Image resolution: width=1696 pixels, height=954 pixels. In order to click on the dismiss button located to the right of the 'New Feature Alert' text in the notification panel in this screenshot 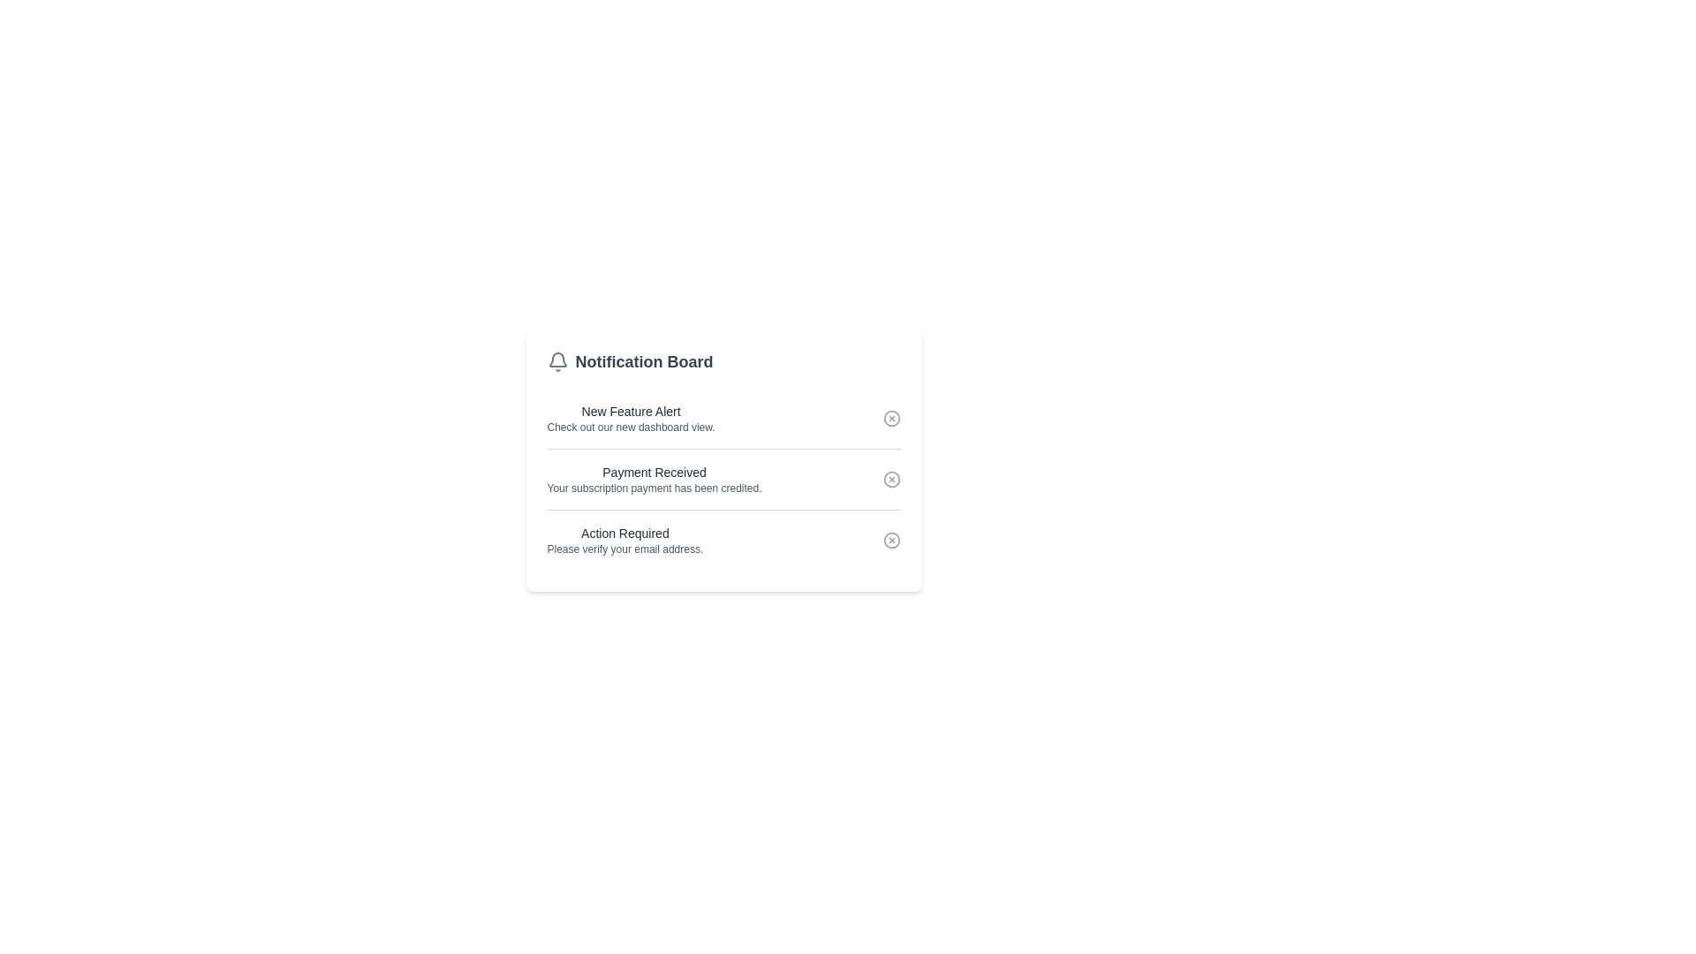, I will do `click(891, 419)`.